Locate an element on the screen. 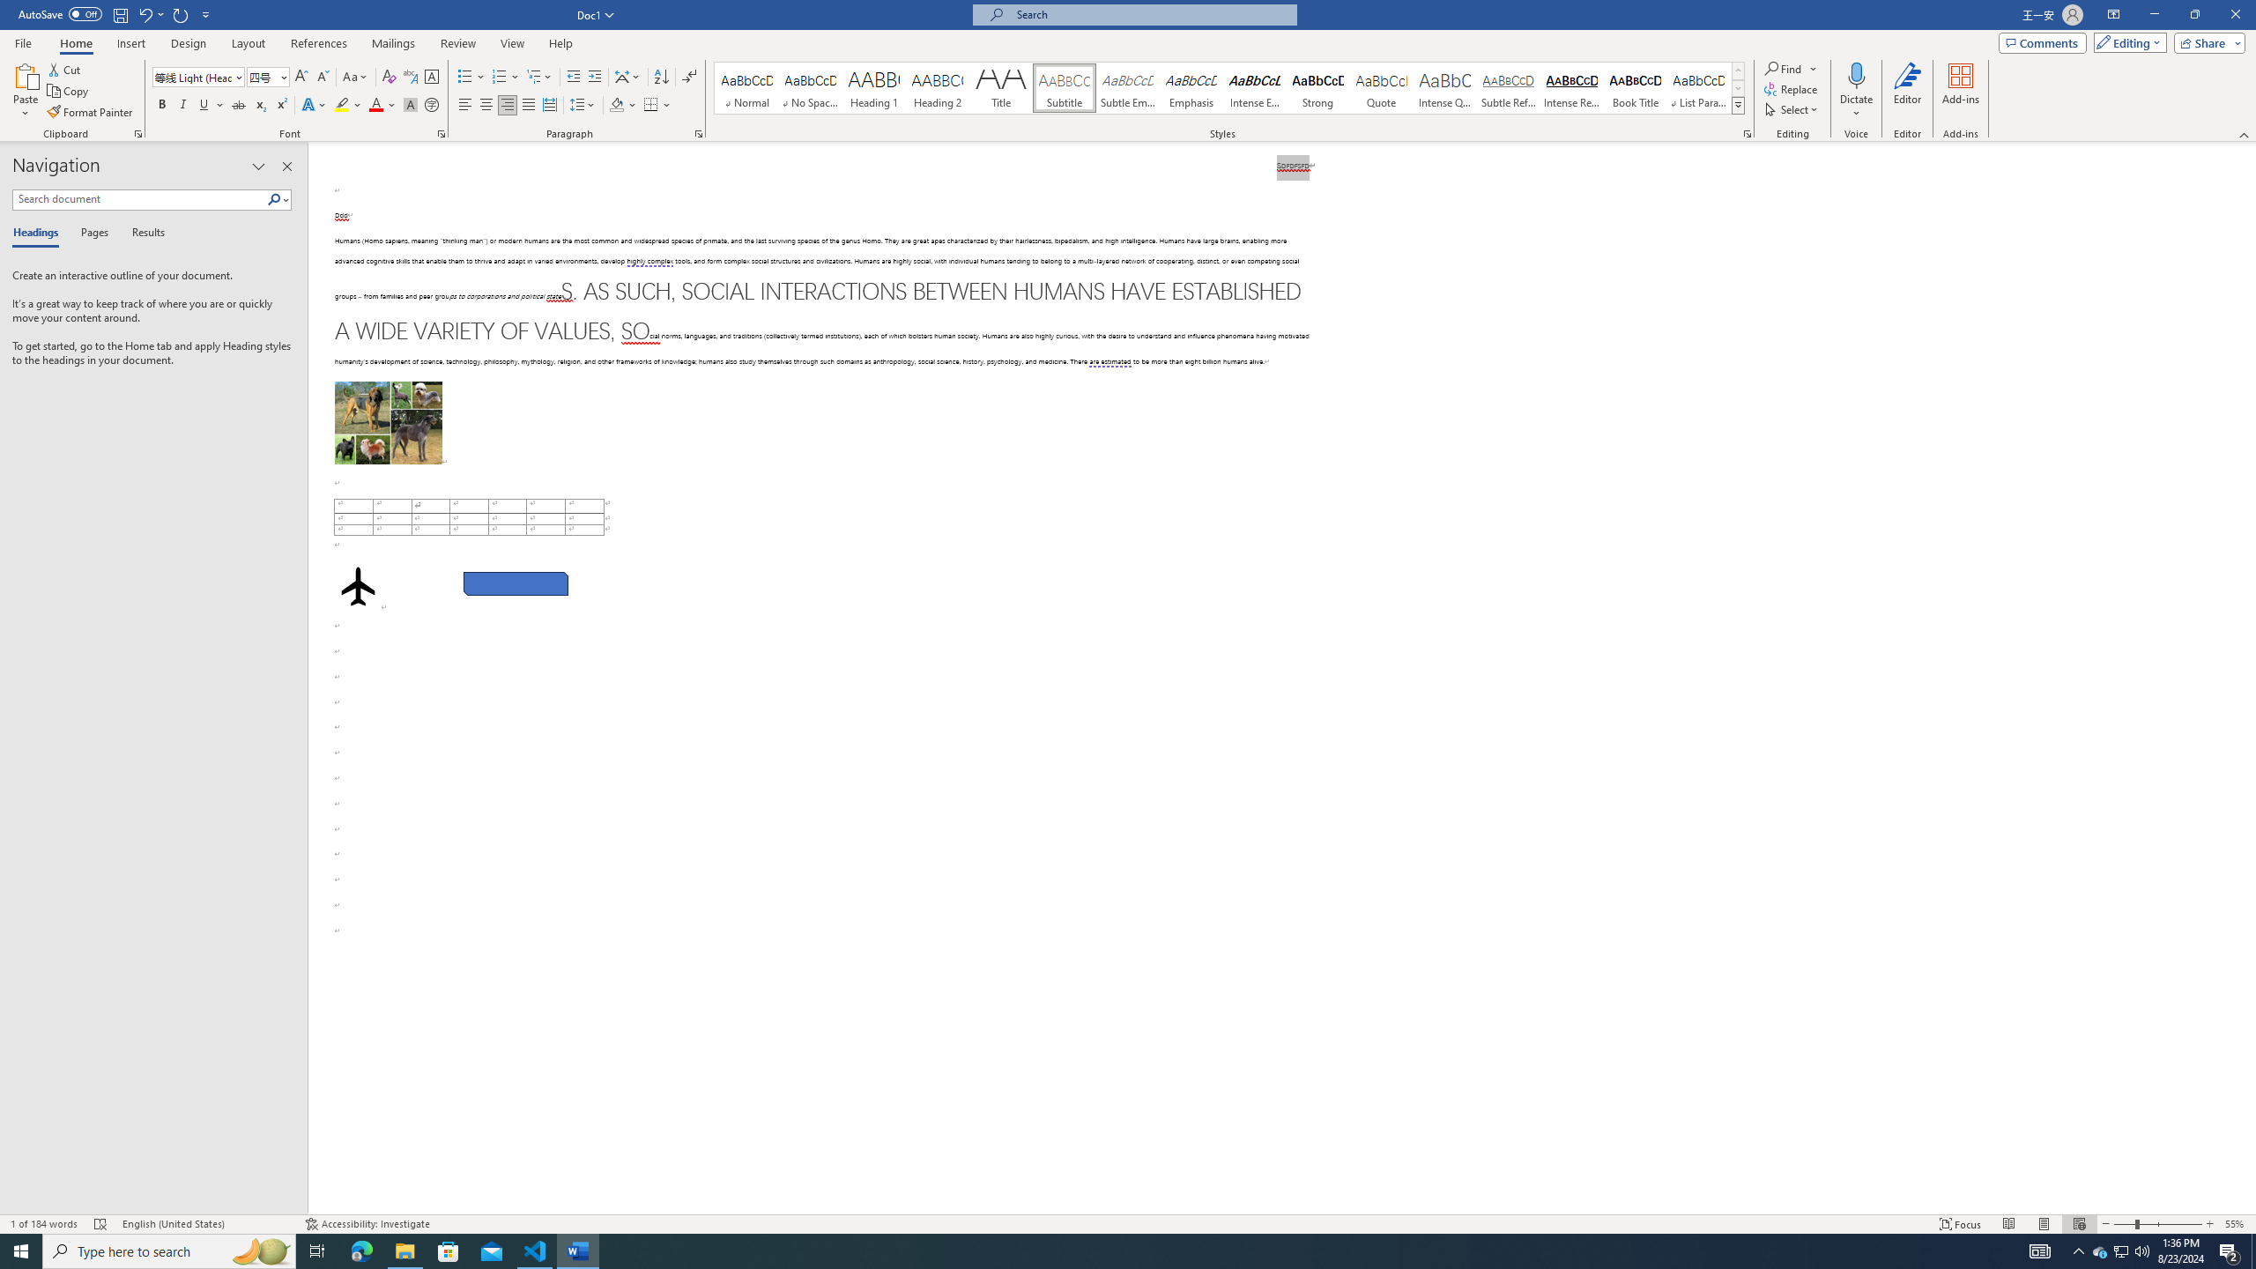 The image size is (2256, 1269). 'Paste' is located at coordinates (25, 74).